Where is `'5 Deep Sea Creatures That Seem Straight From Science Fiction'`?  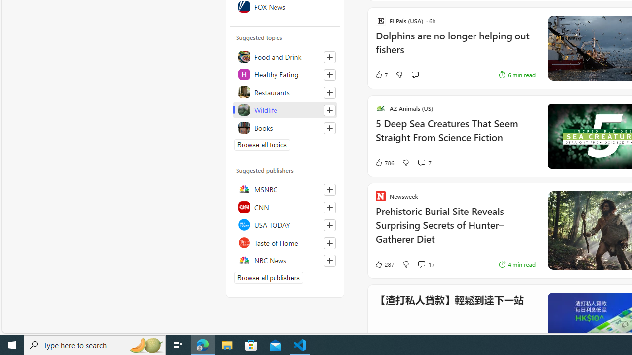
'5 Deep Sea Creatures That Seem Straight From Science Fiction' is located at coordinates (455, 136).